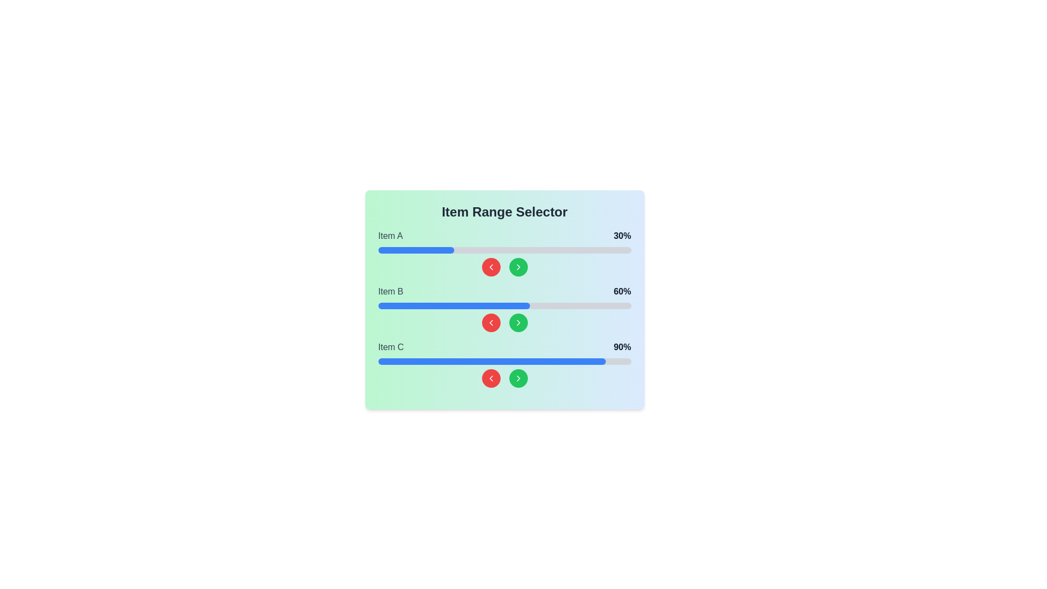 The image size is (1047, 589). What do you see at coordinates (518, 378) in the screenshot?
I see `the chevron icon which signifies a forward action for navigating or incrementing 'Item C', located to the right of the green circular button at the bottom section of the panel` at bounding box center [518, 378].